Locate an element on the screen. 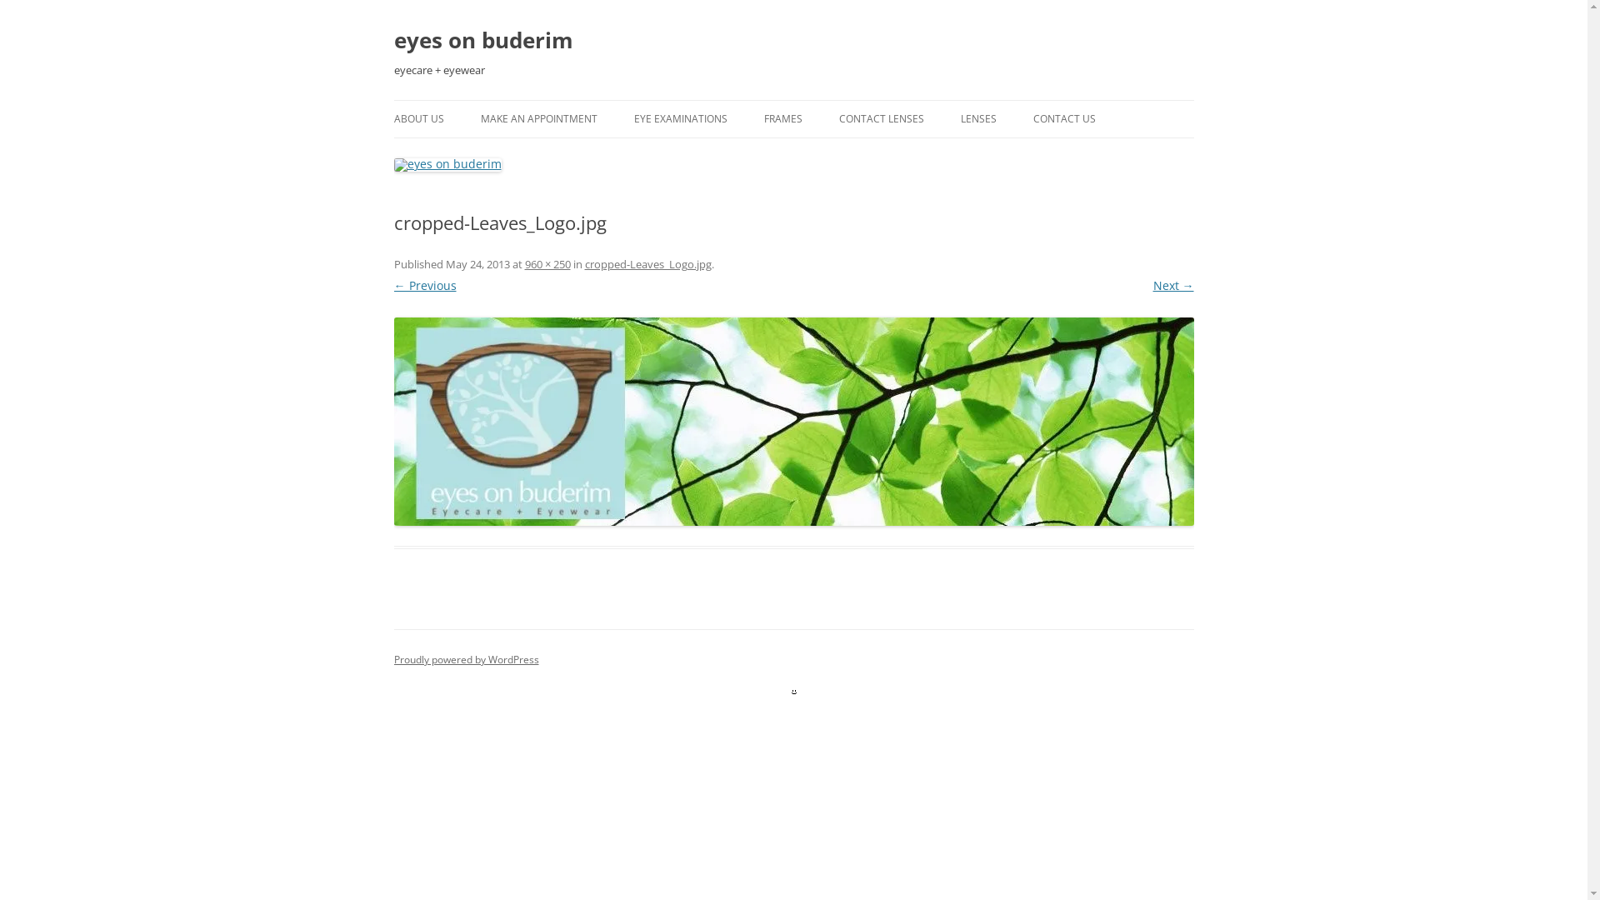  'CONTACT LENS ORDER FORM' is located at coordinates (920, 154).